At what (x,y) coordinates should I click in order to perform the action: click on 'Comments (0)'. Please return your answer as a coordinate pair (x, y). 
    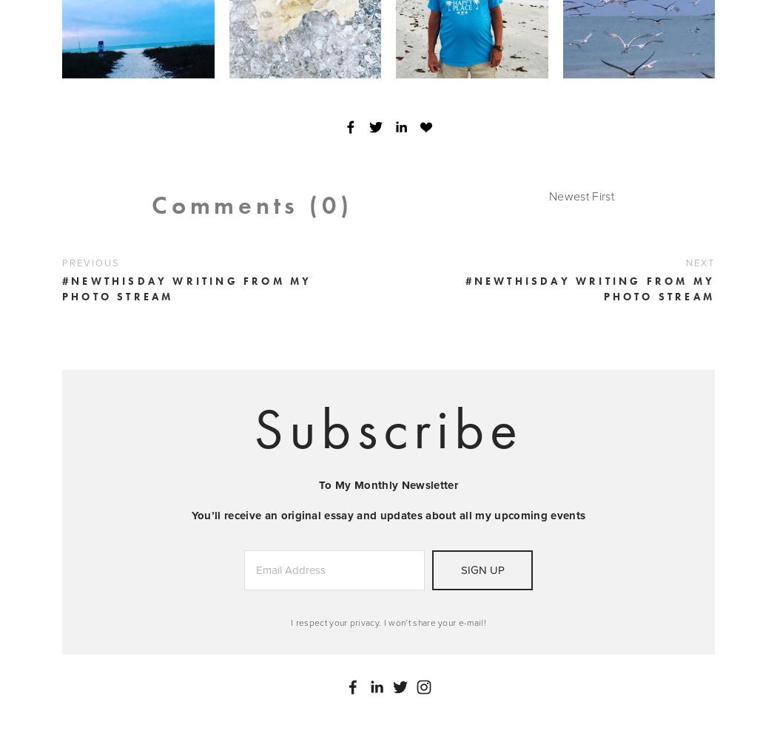
    Looking at the image, I should click on (251, 203).